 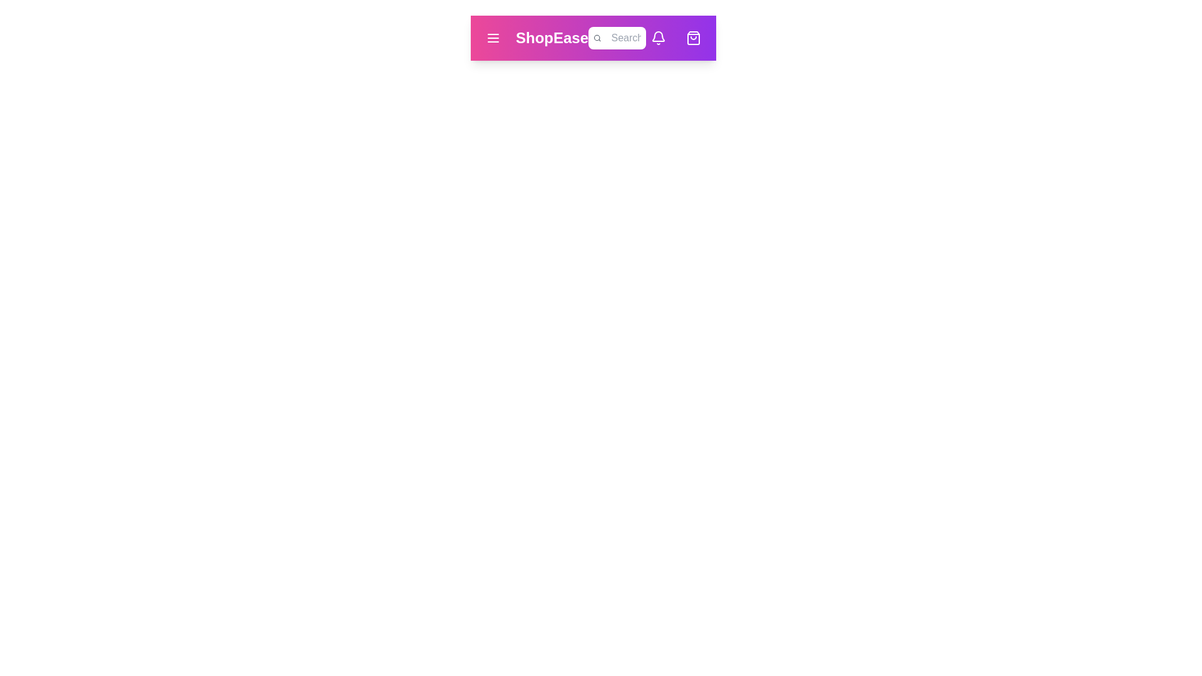 I want to click on the menu button to open the side menu or navigation, so click(x=492, y=38).